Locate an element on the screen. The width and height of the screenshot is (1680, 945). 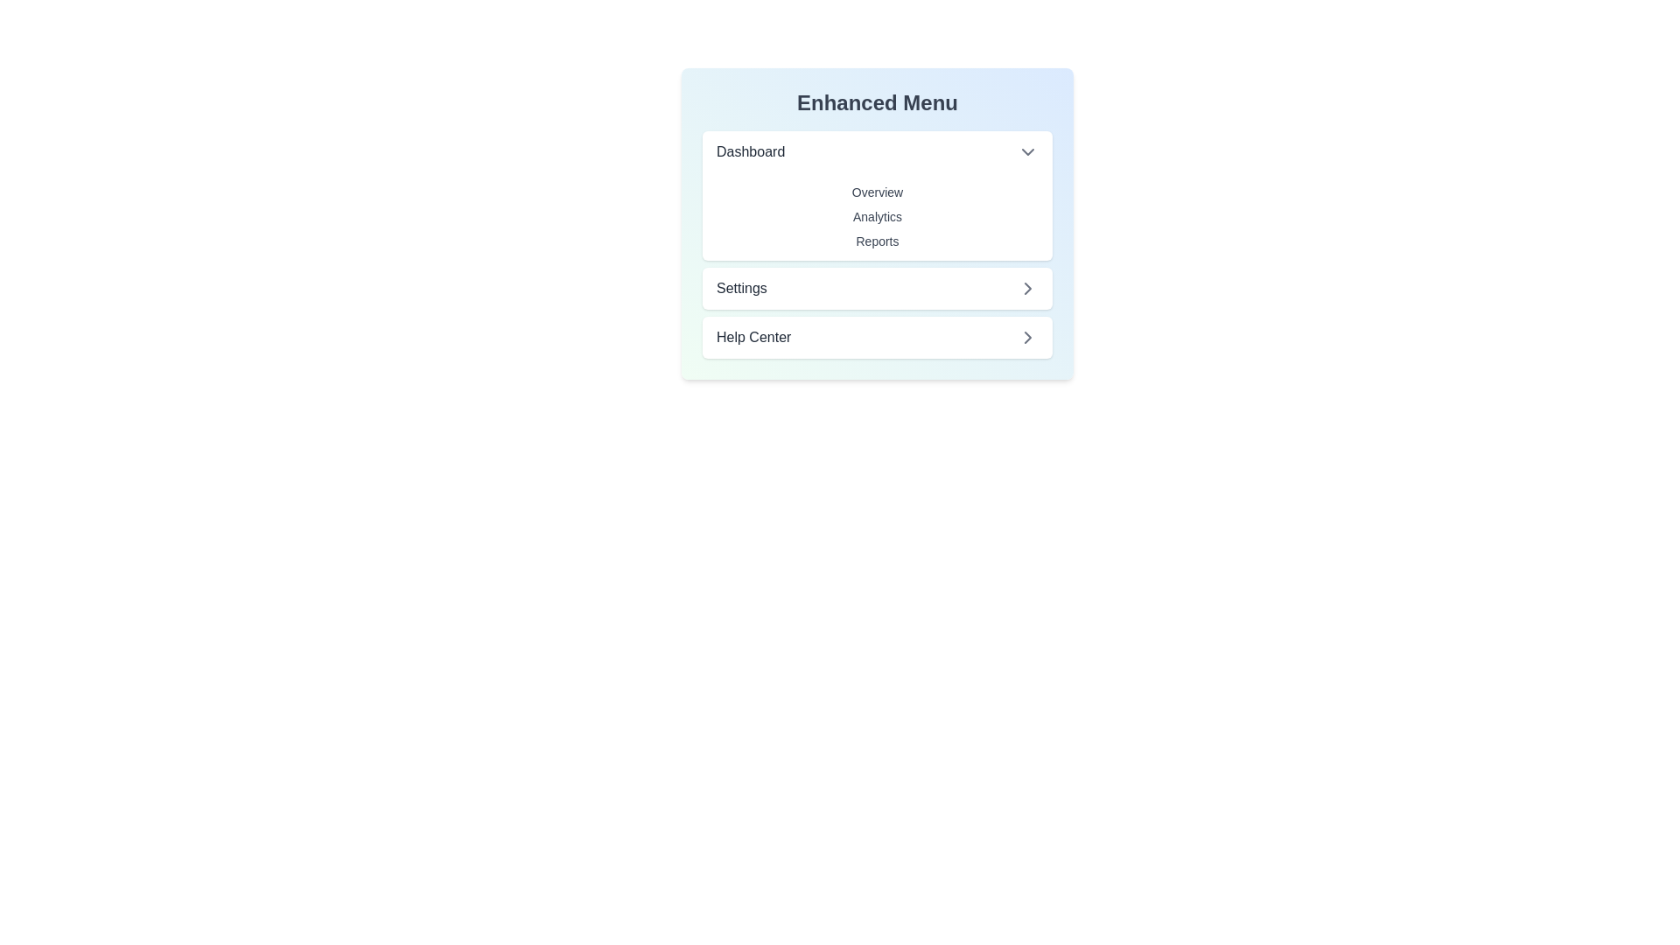
the right-pointing chevron arrow icon located in the 'Settings' menu, positioned to the far right of the 'Settings' label for additional interaction is located at coordinates (1028, 288).